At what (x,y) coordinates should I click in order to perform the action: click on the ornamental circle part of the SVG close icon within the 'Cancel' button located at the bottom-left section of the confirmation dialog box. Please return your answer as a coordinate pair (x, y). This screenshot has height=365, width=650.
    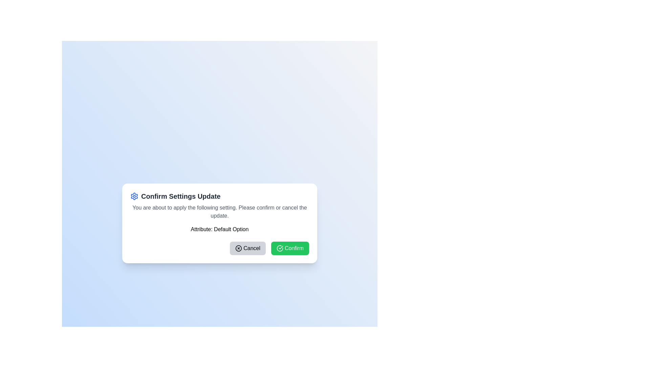
    Looking at the image, I should click on (239, 248).